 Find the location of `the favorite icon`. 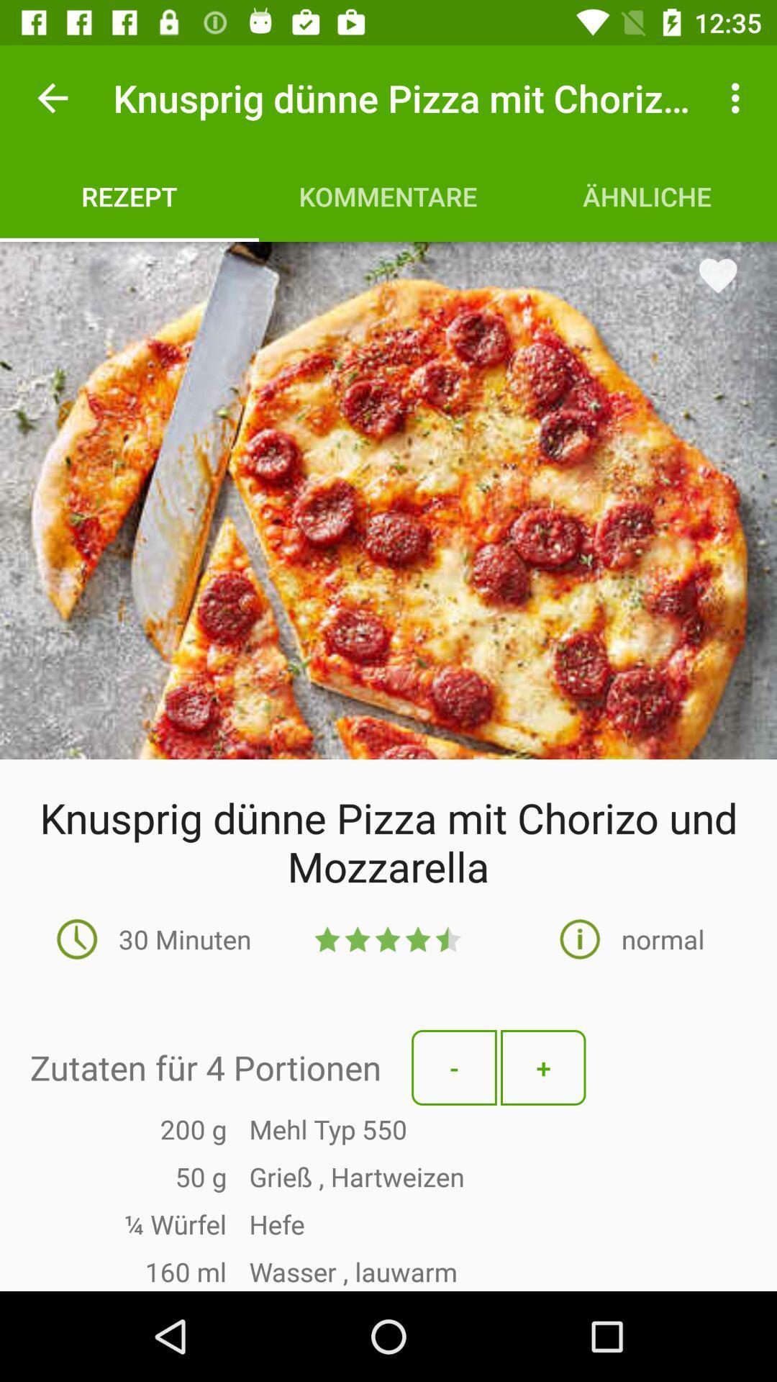

the favorite icon is located at coordinates (718, 276).